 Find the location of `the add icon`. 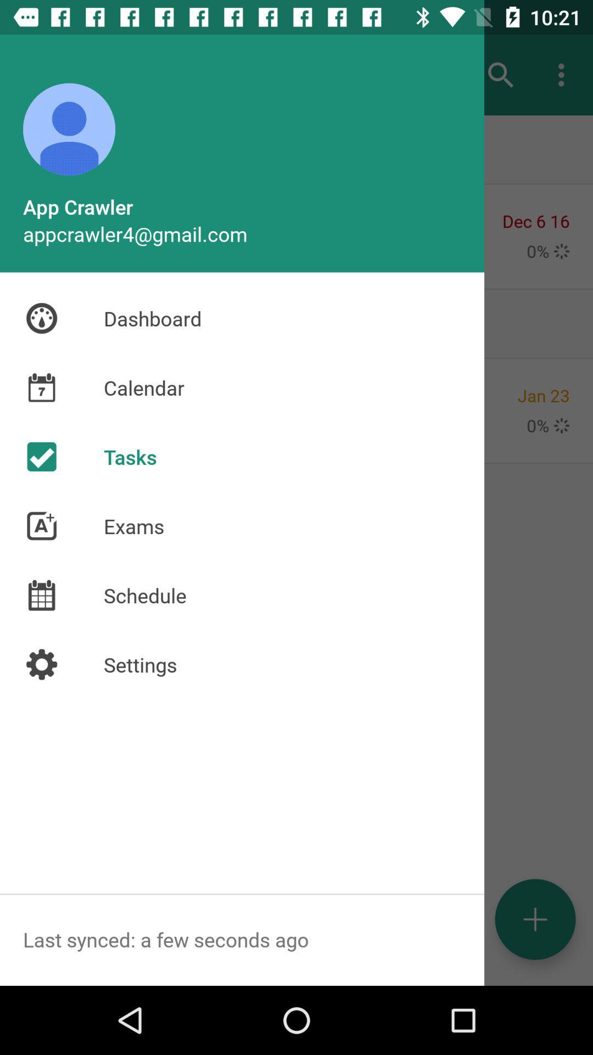

the add icon is located at coordinates (535, 919).